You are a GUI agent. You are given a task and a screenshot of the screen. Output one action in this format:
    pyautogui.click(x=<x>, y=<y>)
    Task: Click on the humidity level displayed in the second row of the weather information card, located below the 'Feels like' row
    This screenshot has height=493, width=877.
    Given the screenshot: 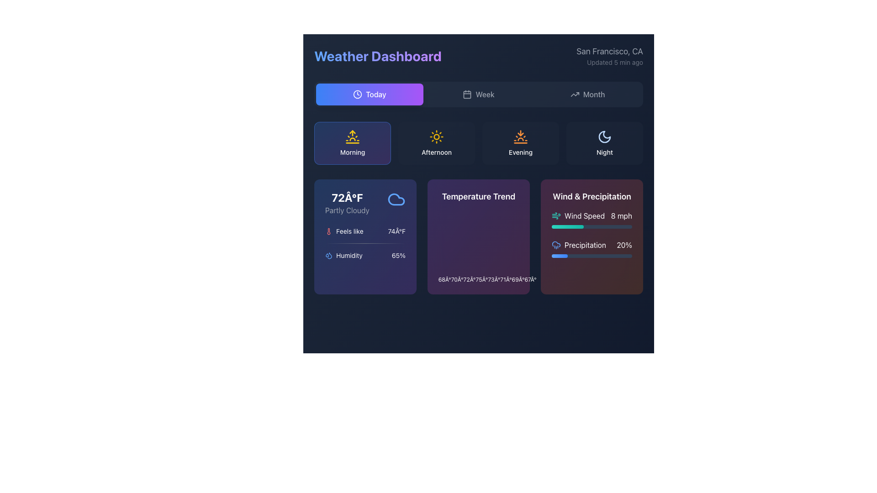 What is the action you would take?
    pyautogui.click(x=365, y=255)
    